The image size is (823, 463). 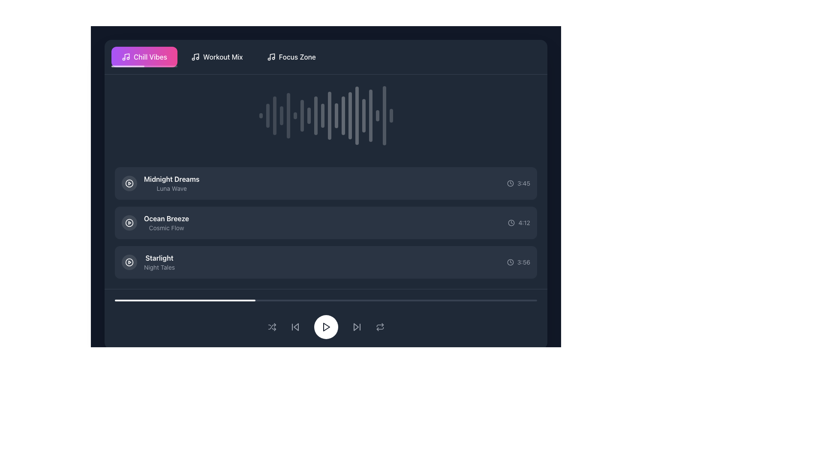 What do you see at coordinates (166, 218) in the screenshot?
I see `the text label displaying the title 'Ocean Breeze', which is located in the middle of the list as the first line of the second track item` at bounding box center [166, 218].